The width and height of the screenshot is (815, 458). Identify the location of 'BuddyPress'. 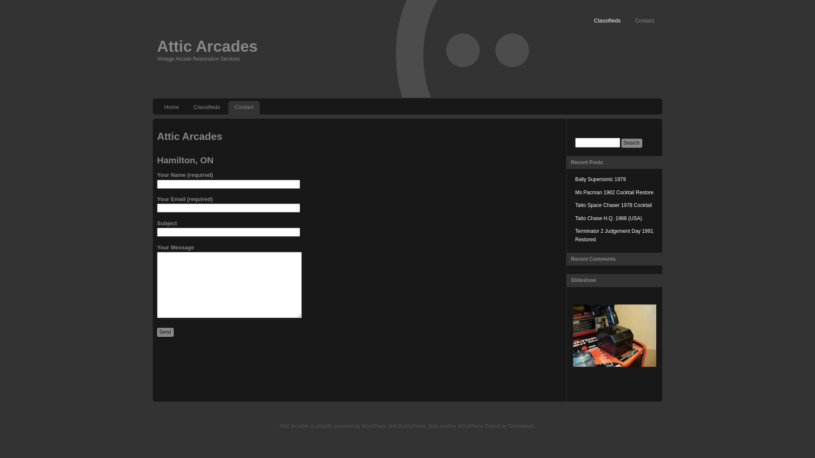
(397, 426).